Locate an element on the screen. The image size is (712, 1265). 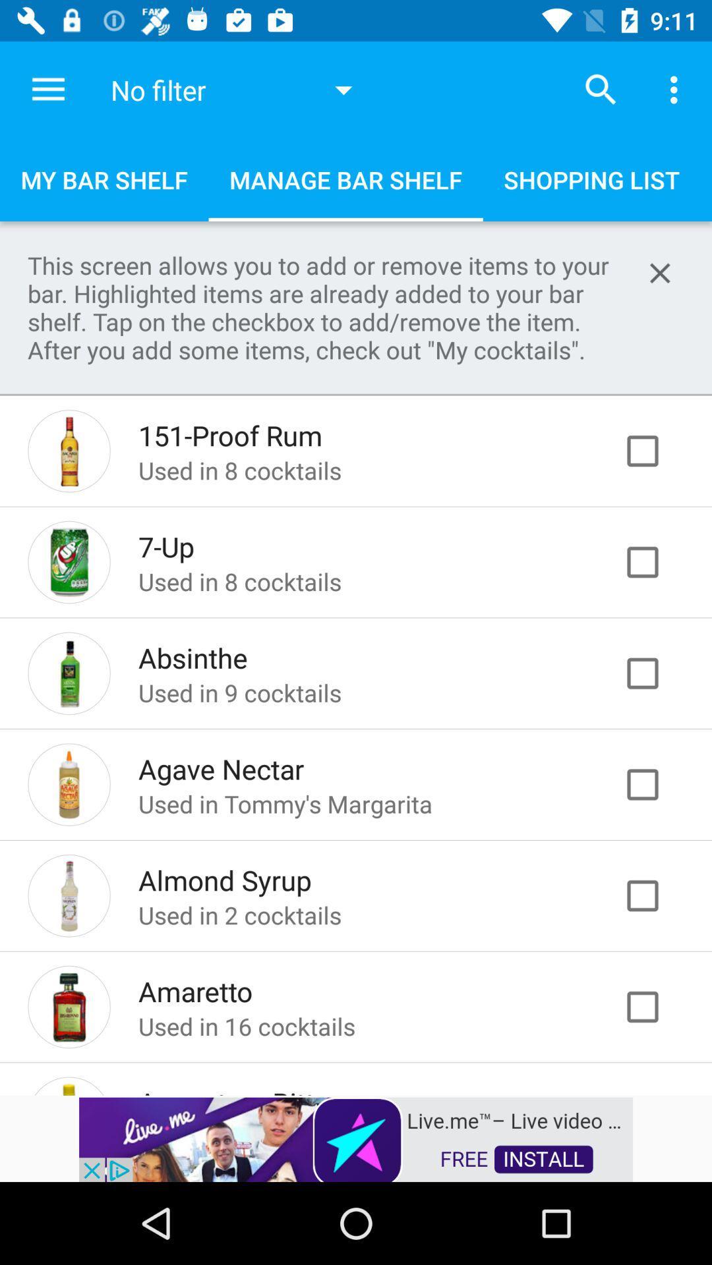
help is located at coordinates (660, 272).